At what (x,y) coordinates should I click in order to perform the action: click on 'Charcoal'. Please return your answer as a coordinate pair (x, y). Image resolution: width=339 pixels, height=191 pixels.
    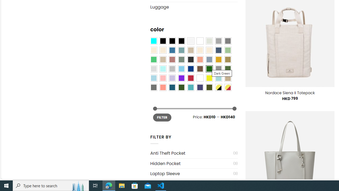
    Looking at the image, I should click on (191, 60).